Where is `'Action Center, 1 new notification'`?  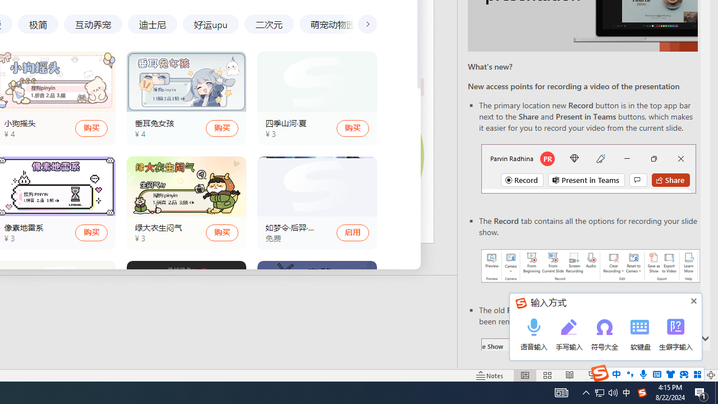 'Action Center, 1 new notification' is located at coordinates (701, 392).